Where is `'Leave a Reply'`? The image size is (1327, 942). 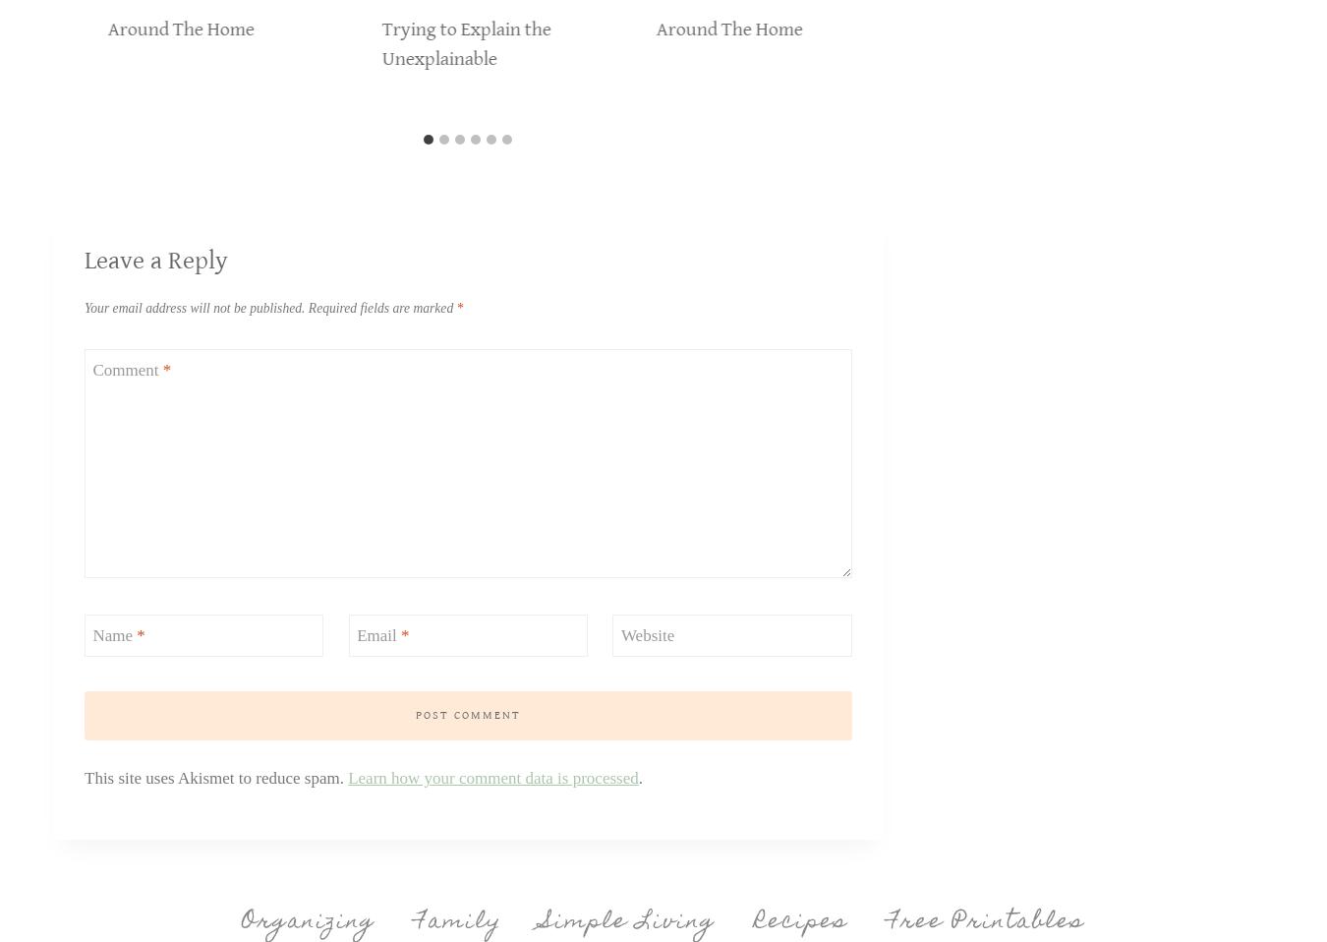 'Leave a Reply' is located at coordinates (156, 260).